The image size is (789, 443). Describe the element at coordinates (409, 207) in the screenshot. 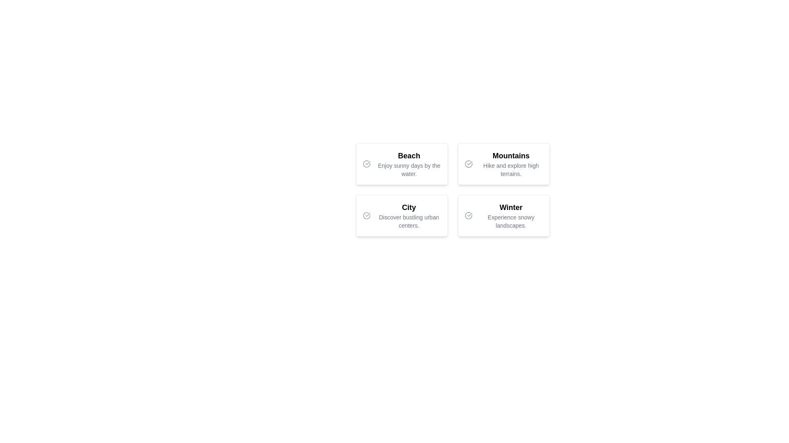

I see `the 'City' text label, which is styled in bold and located at the top of a box in the second row and first column of a 2x2 grid layout` at that location.